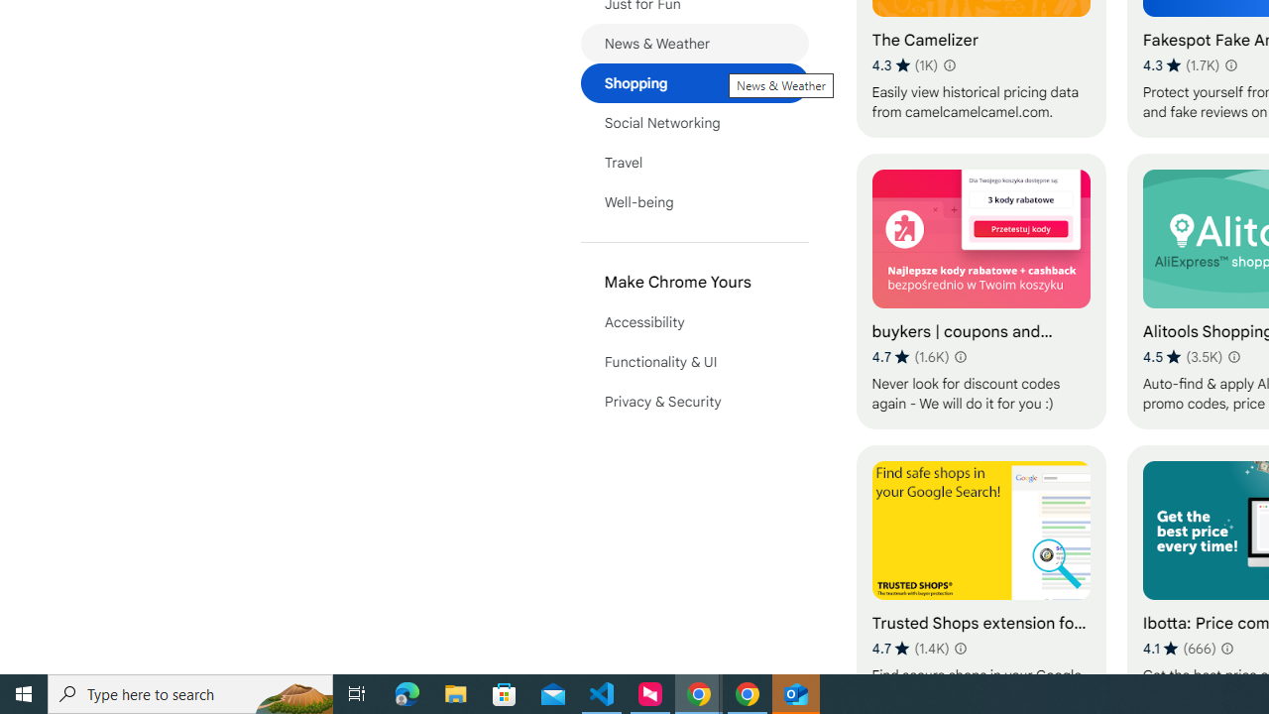  Describe the element at coordinates (904, 64) in the screenshot. I see `'Average rating 4.3 out of 5 stars. 1K ratings.'` at that location.